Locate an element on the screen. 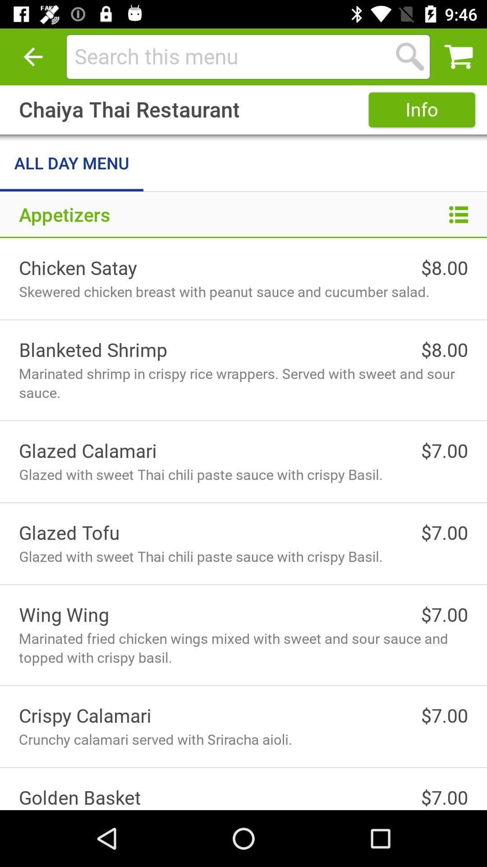  the green color button under cart icon is located at coordinates (422, 109).